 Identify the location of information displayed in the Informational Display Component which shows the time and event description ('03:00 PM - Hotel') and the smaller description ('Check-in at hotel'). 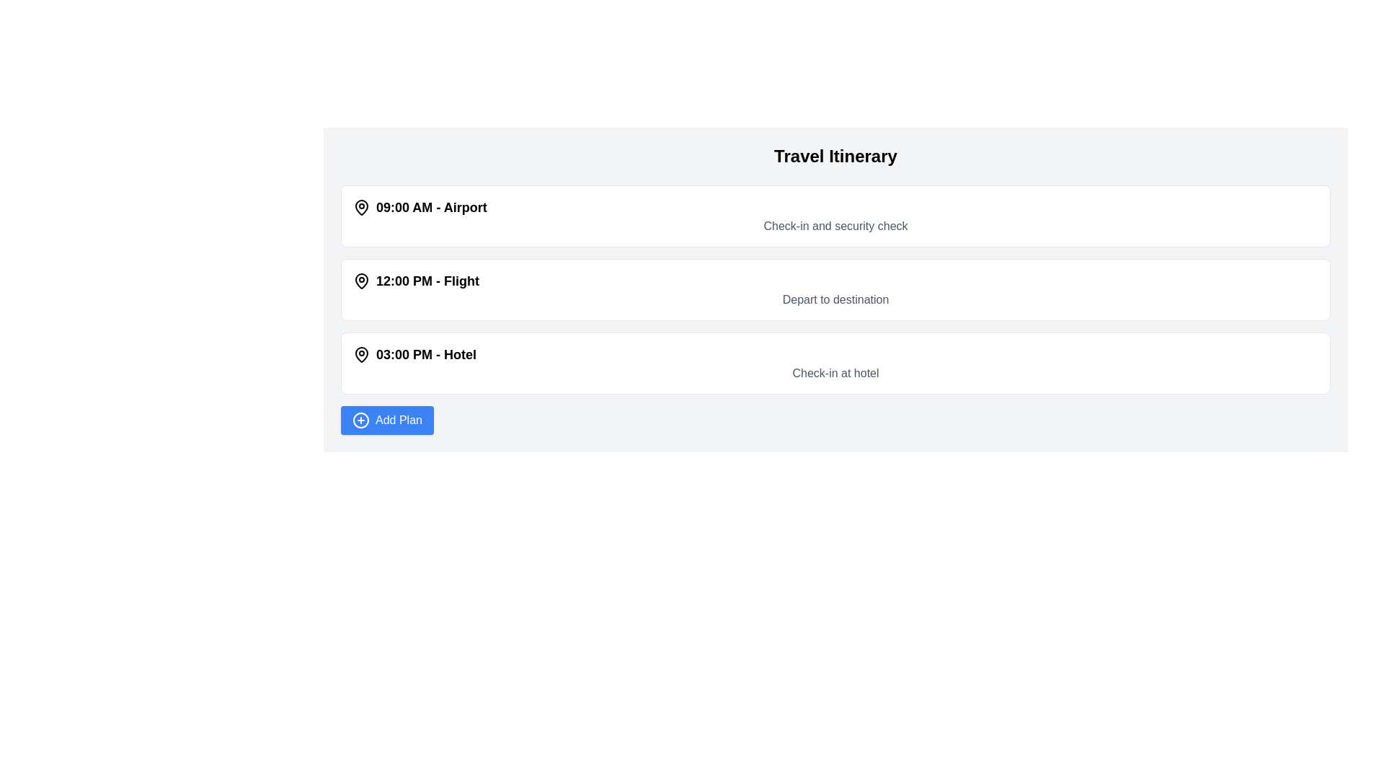
(835, 363).